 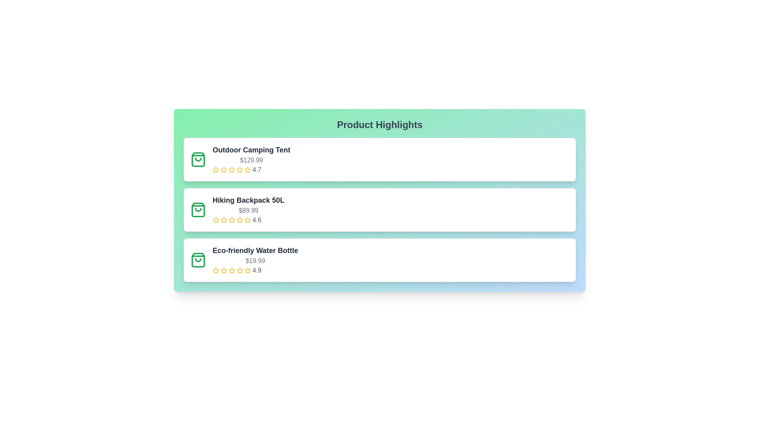 What do you see at coordinates (216, 169) in the screenshot?
I see `the rating of the product to 1 stars by clicking on the corresponding star` at bounding box center [216, 169].